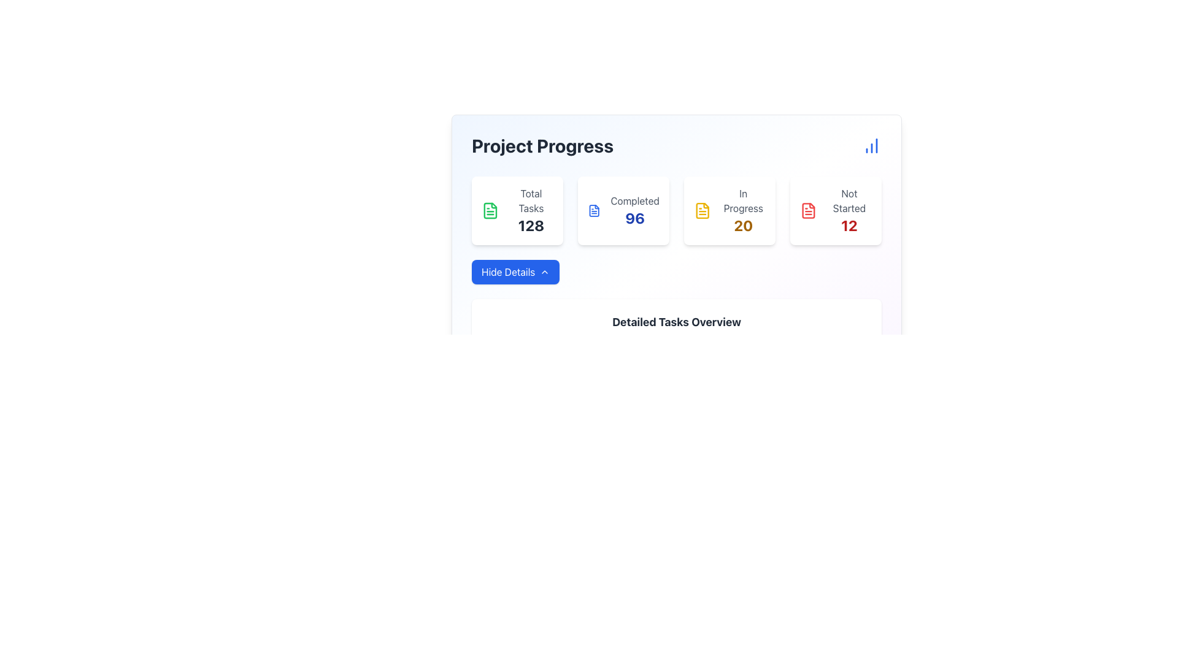 This screenshot has height=662, width=1178. Describe the element at coordinates (635, 210) in the screenshot. I see `text displayed in the Static Text Display showing 'Completed' and the number '96' in the Project Progress section, located at the top-right of the metrics summary` at that location.